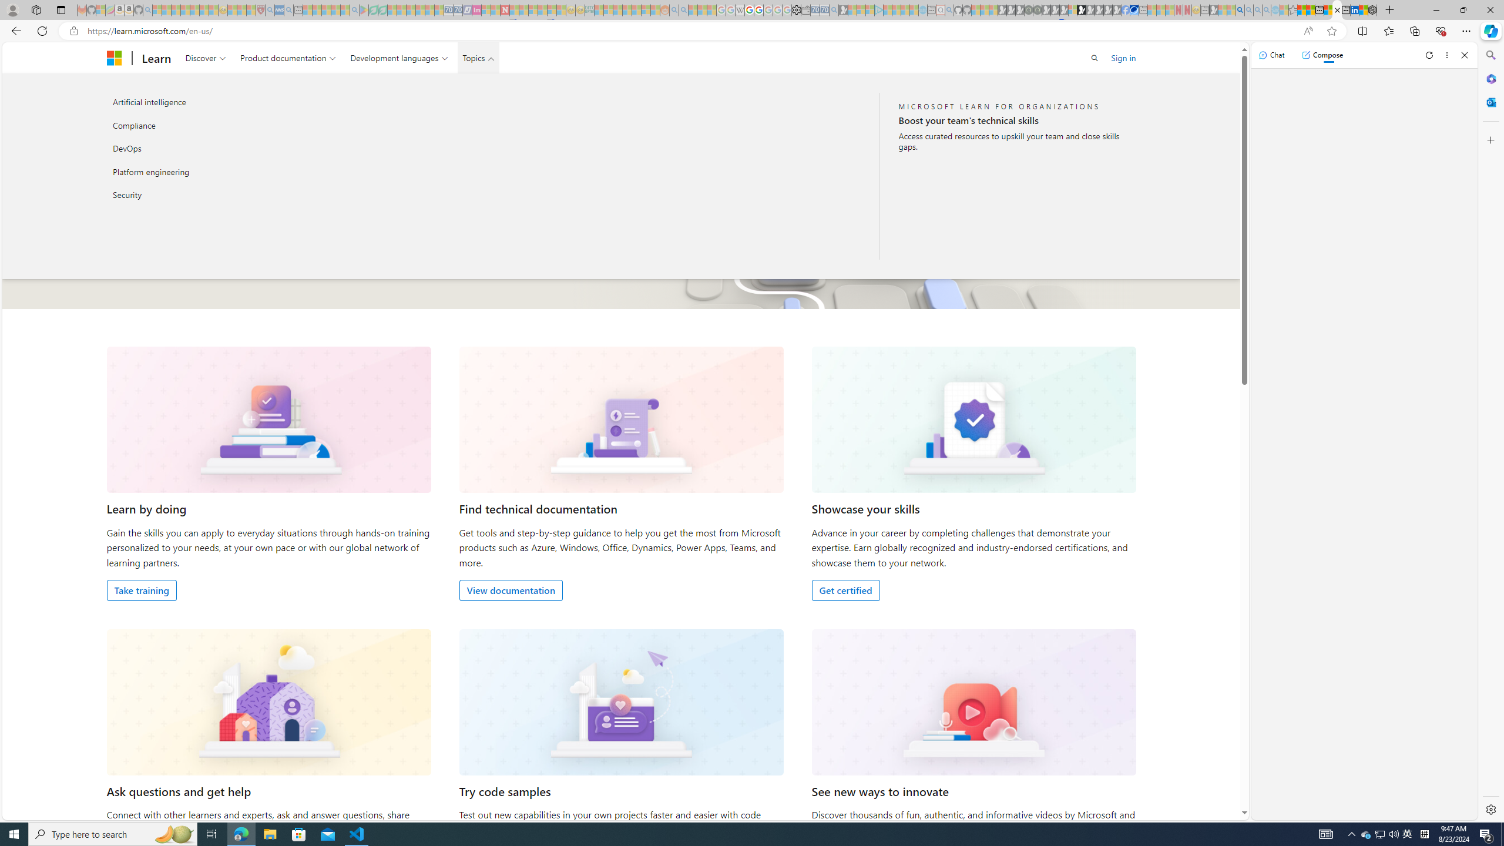 The height and width of the screenshot is (846, 1504). I want to click on 'AQI & Health | AirNow.gov', so click(1134, 9).